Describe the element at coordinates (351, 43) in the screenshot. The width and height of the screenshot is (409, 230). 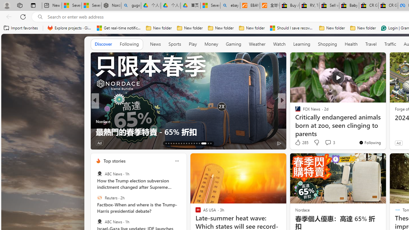
I see `'Health'` at that location.